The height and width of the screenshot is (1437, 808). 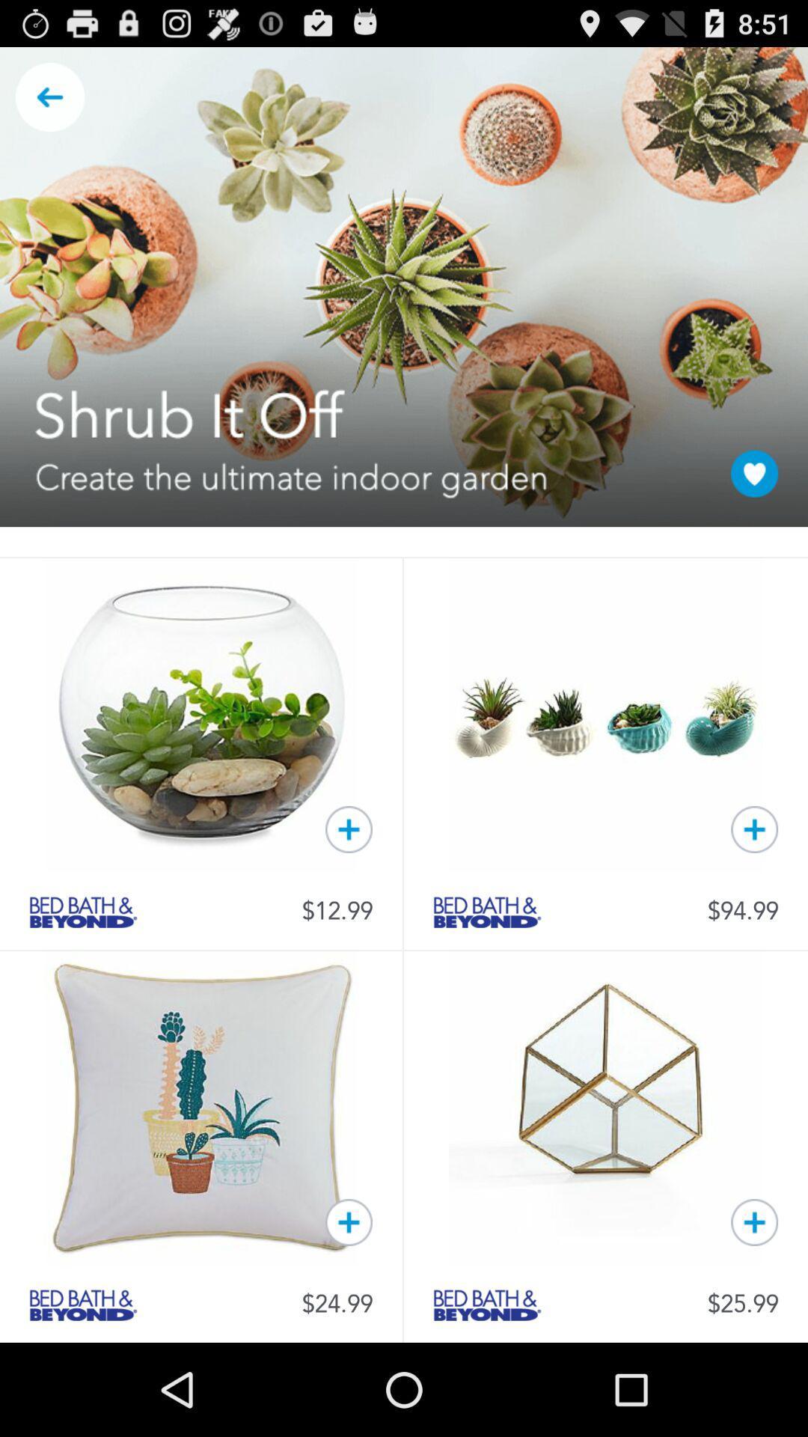 What do you see at coordinates (487, 912) in the screenshot?
I see `bed baths beyond option` at bounding box center [487, 912].